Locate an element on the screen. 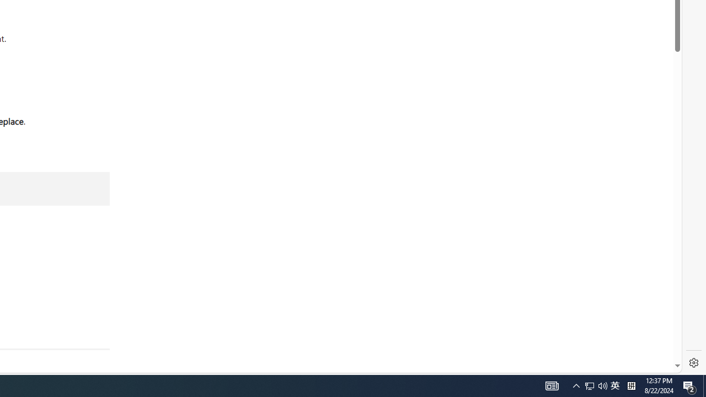 This screenshot has height=397, width=706. 'Settings' is located at coordinates (693, 363).